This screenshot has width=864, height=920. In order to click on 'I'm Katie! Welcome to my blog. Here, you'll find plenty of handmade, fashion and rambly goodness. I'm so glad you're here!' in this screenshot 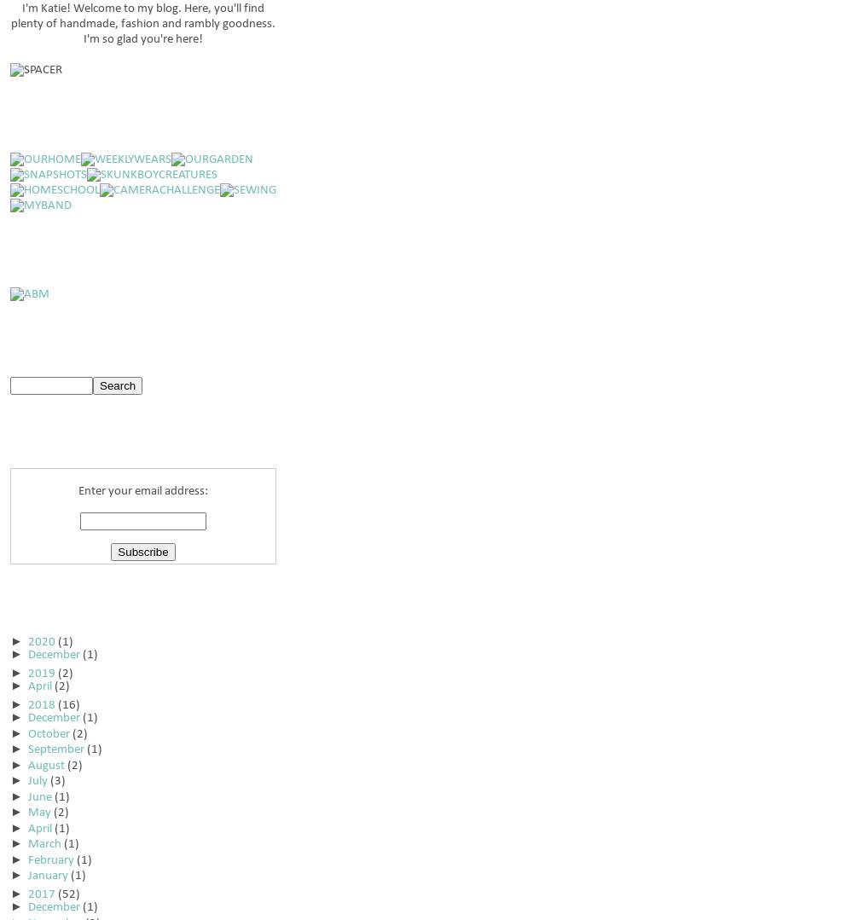, I will do `click(9, 24)`.